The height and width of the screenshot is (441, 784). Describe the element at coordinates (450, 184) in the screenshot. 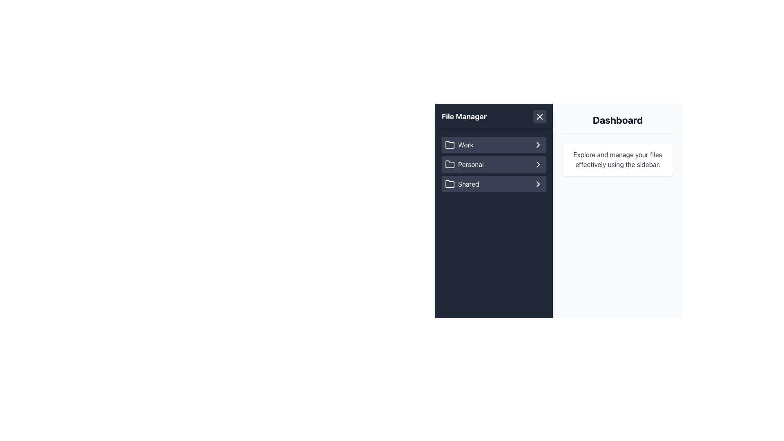

I see `the folder icon located to the left of the text 'Shared'` at that location.